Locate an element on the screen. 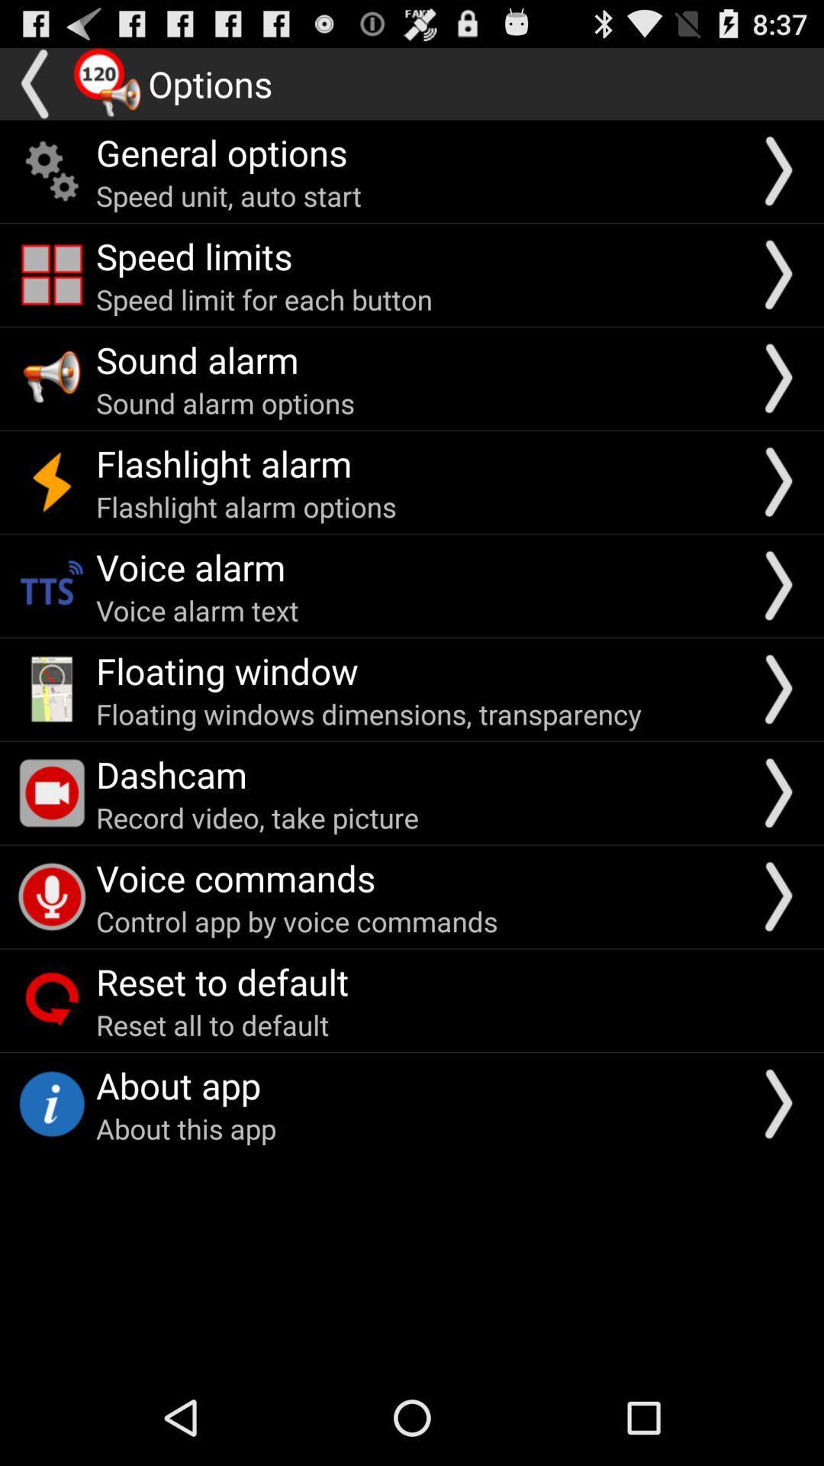  the floating windows dimensions app is located at coordinates (369, 713).